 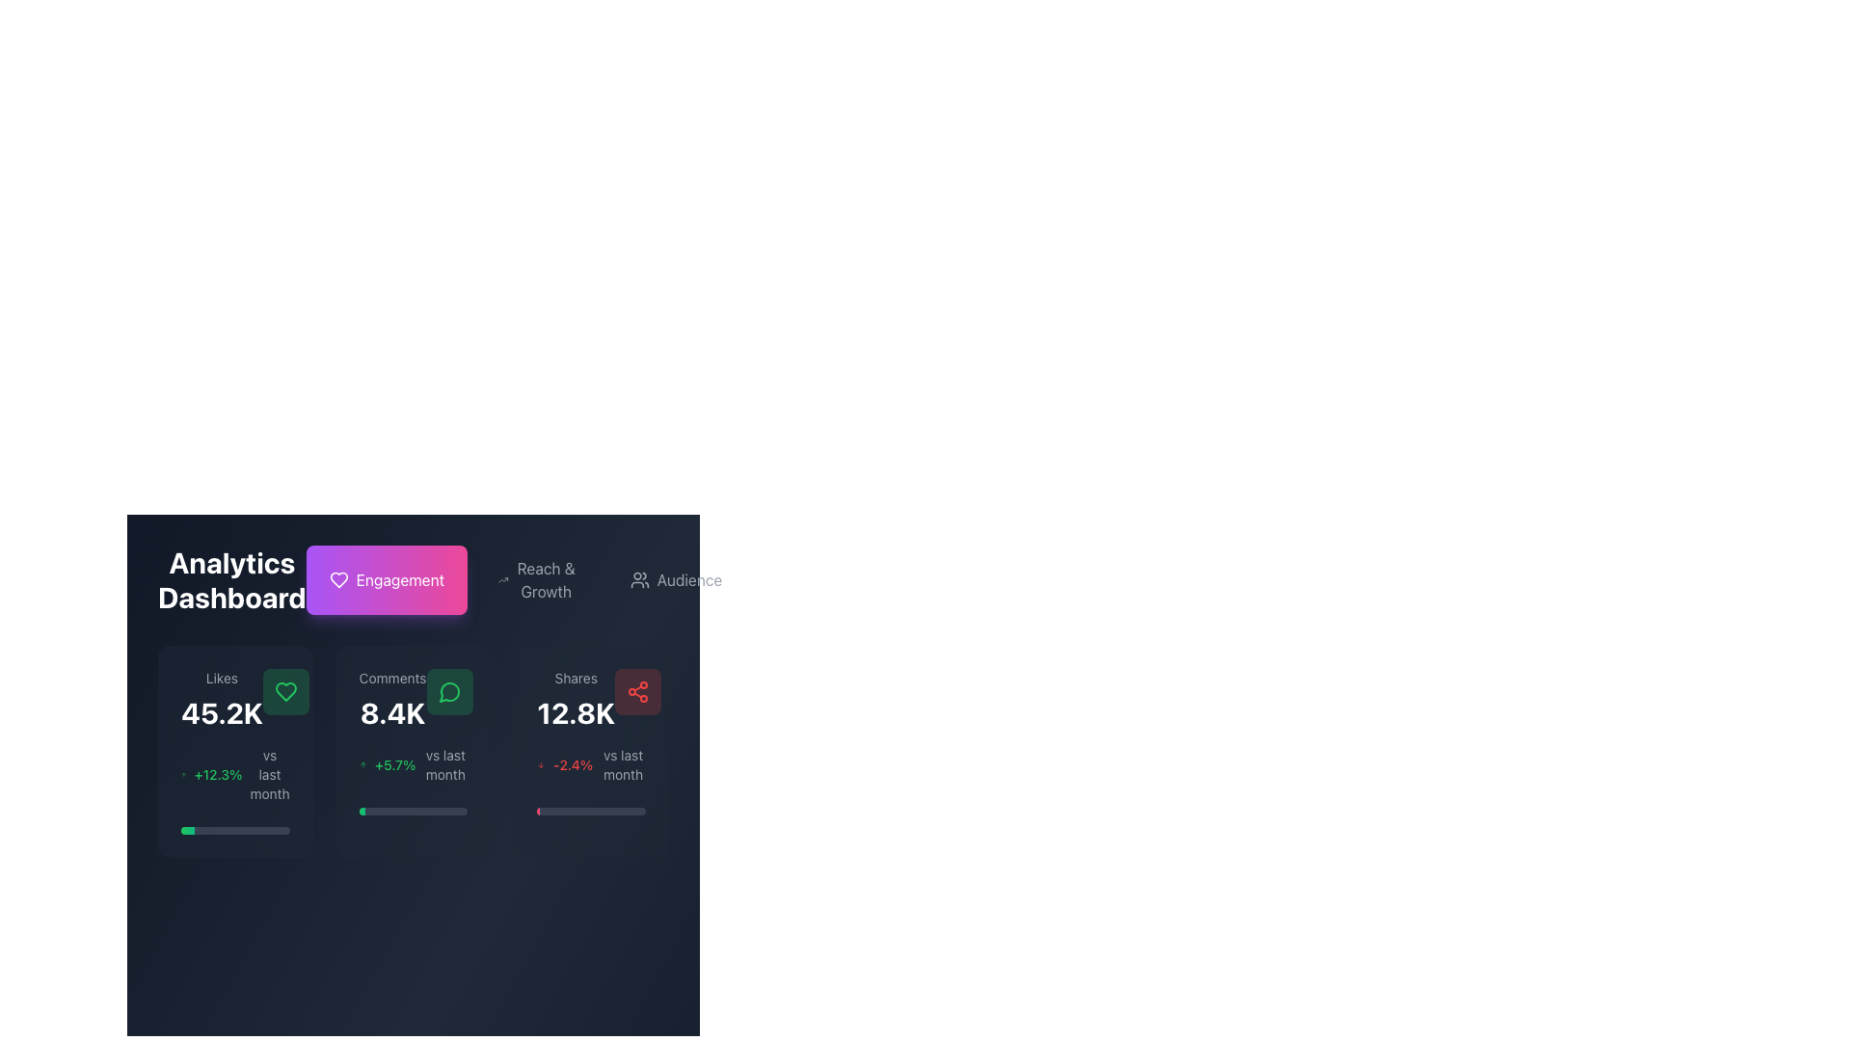 I want to click on the 'Audience' text label within the navigation menu, so click(x=689, y=578).